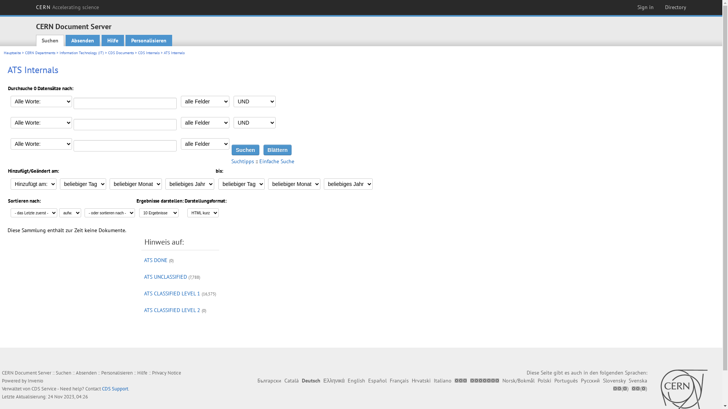  Describe the element at coordinates (166, 372) in the screenshot. I see `'Privacy Notice'` at that location.